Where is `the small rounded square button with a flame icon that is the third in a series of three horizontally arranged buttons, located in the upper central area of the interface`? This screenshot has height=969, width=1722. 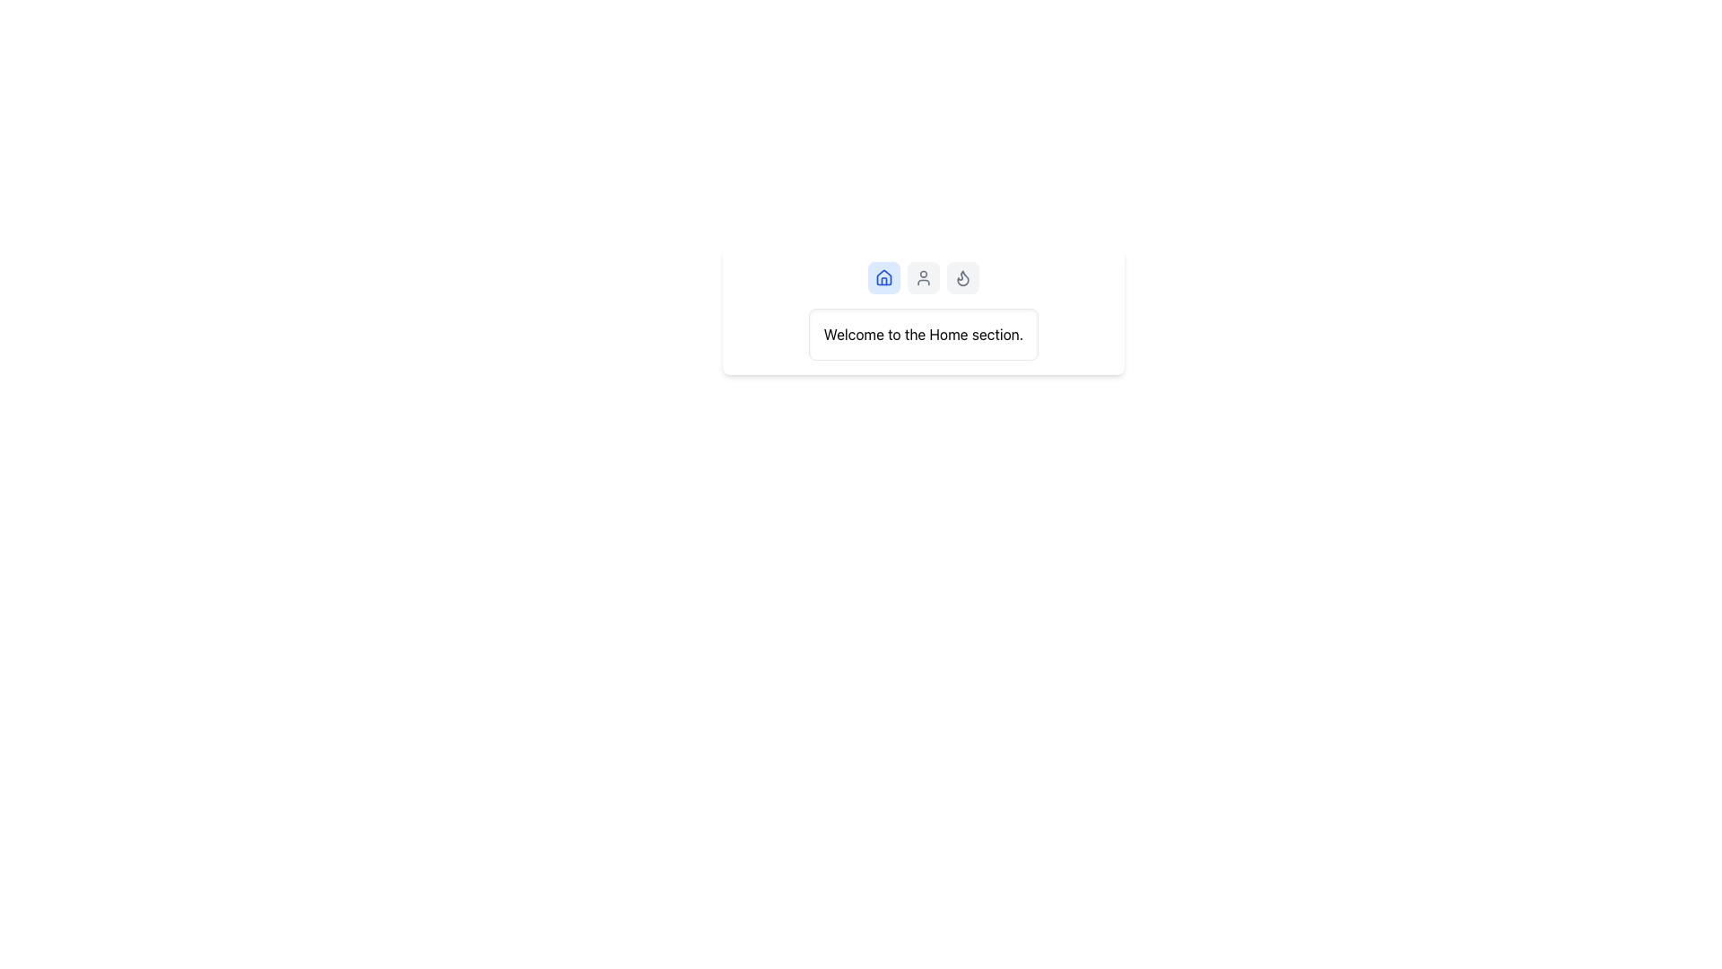 the small rounded square button with a flame icon that is the third in a series of three horizontally arranged buttons, located in the upper central area of the interface is located at coordinates (962, 277).